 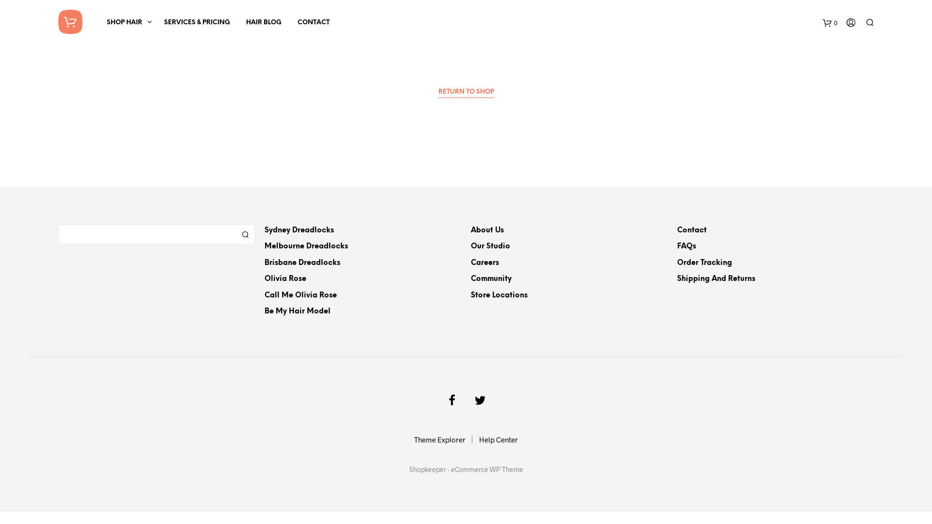 What do you see at coordinates (299, 230) in the screenshot?
I see `'Sydney Dreadlocks'` at bounding box center [299, 230].